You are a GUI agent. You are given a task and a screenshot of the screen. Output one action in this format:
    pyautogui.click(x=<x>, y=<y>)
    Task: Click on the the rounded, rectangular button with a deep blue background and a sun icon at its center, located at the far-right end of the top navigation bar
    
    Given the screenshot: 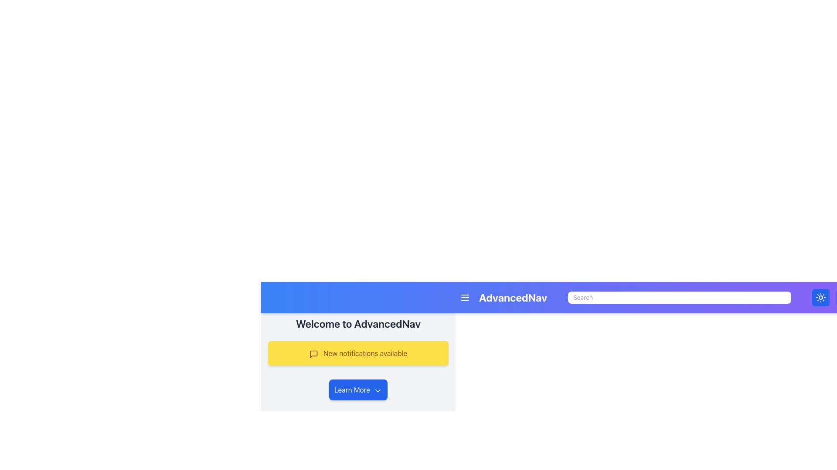 What is the action you would take?
    pyautogui.click(x=820, y=297)
    